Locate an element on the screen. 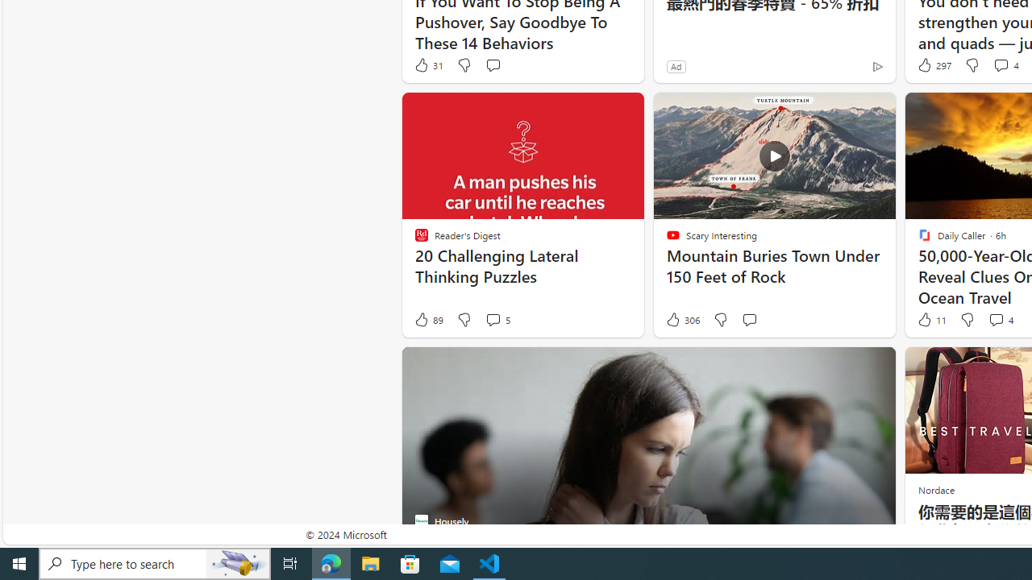  '306 Like' is located at coordinates (682, 320).